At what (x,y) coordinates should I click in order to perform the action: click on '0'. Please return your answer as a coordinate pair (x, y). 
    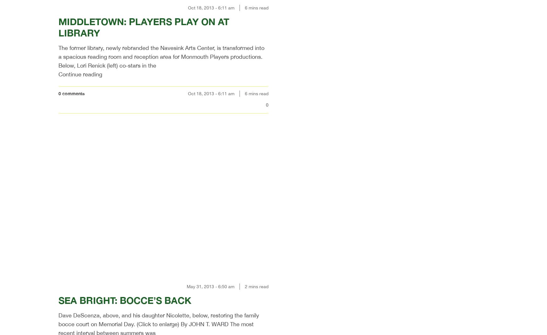
    Looking at the image, I should click on (267, 105).